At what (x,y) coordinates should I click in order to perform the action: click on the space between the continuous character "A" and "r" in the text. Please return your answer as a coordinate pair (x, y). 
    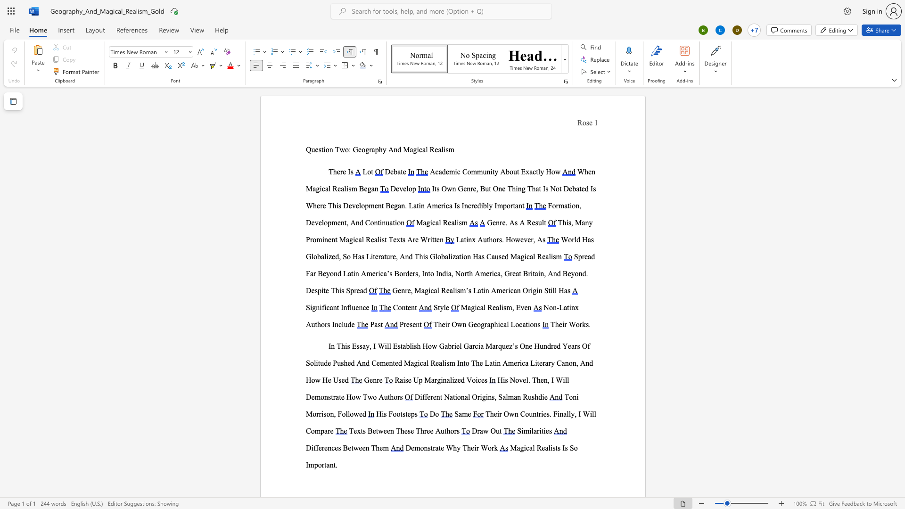
    Looking at the image, I should click on (411, 239).